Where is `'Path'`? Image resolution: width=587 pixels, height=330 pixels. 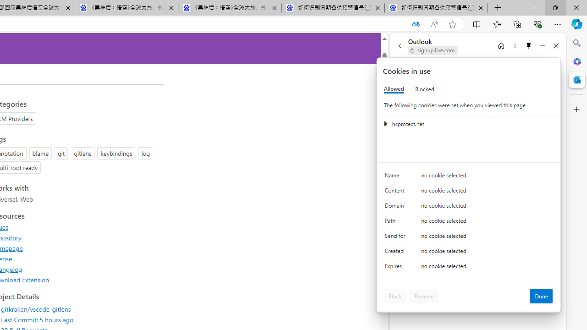 'Path' is located at coordinates (397, 223).